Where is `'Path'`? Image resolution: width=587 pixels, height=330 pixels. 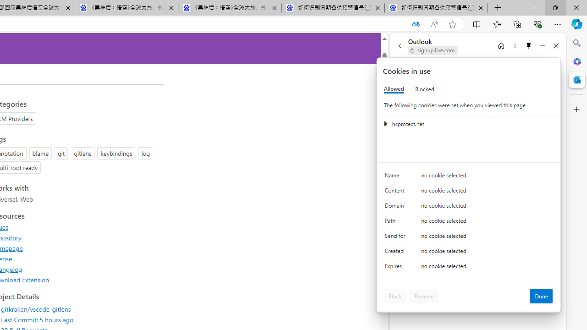 'Path' is located at coordinates (397, 223).